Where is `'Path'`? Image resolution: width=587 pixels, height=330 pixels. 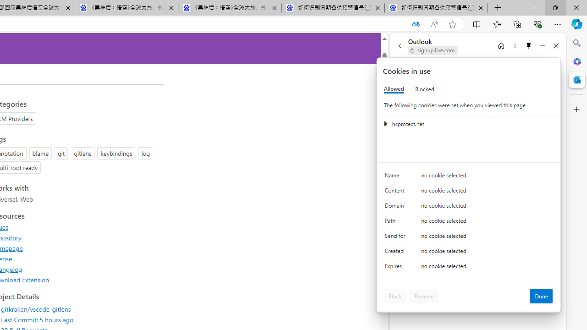 'Path' is located at coordinates (397, 223).